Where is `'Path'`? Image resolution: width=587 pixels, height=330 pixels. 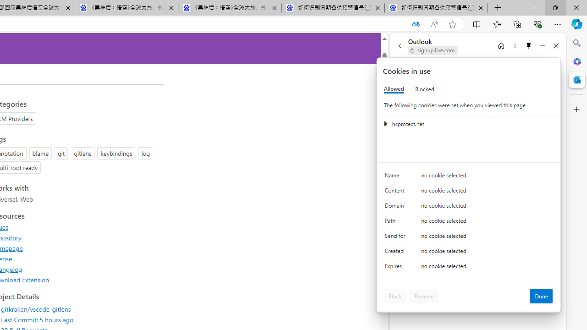 'Path' is located at coordinates (397, 223).